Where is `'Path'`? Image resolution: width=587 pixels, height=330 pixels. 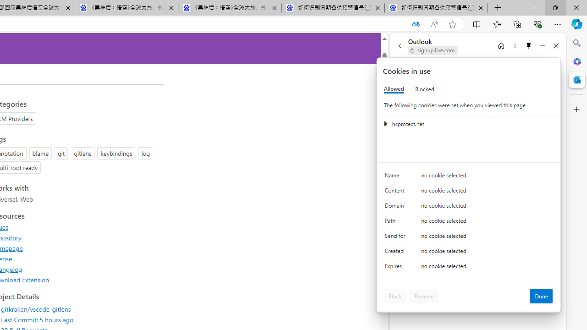 'Path' is located at coordinates (397, 223).